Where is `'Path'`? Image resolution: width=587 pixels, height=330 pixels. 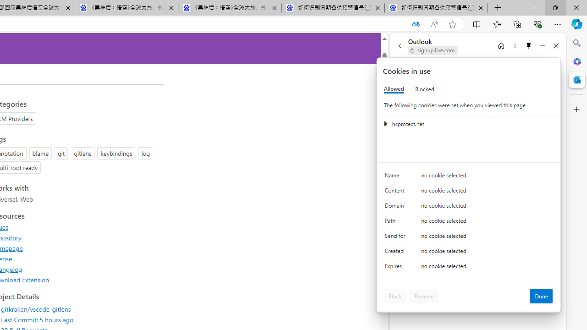 'Path' is located at coordinates (397, 223).